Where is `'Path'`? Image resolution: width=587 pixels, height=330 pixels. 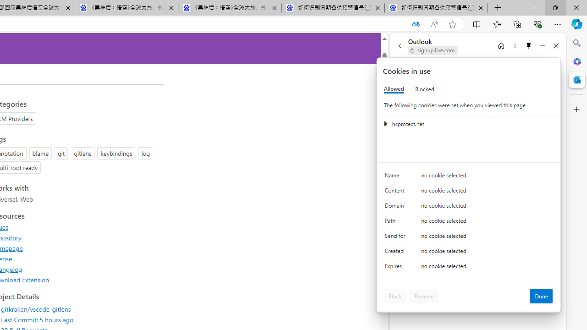 'Path' is located at coordinates (397, 223).